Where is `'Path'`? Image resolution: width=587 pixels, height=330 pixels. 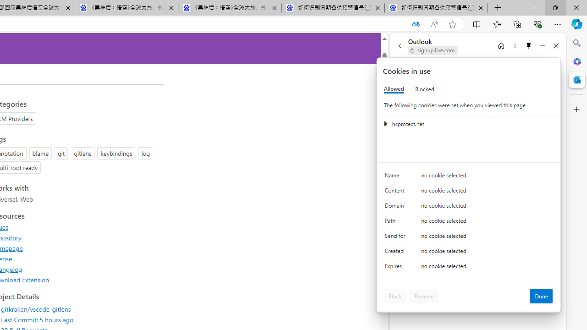 'Path' is located at coordinates (397, 223).